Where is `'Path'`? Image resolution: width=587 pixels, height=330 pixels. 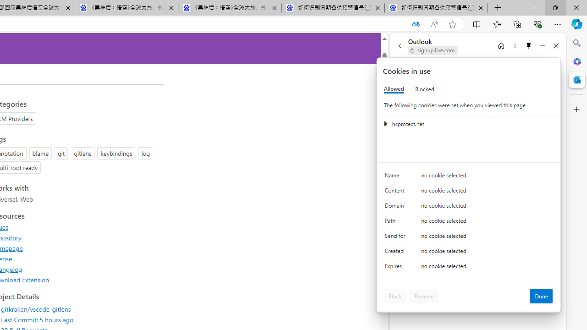 'Path' is located at coordinates (397, 223).